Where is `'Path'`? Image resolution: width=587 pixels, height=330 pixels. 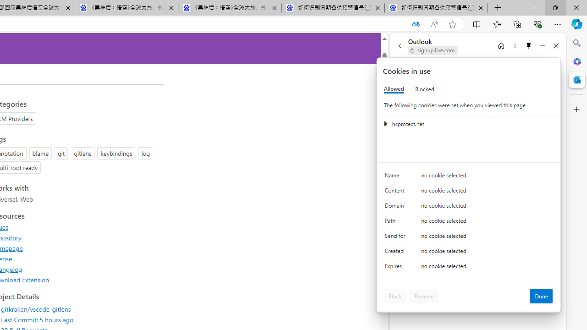 'Path' is located at coordinates (397, 223).